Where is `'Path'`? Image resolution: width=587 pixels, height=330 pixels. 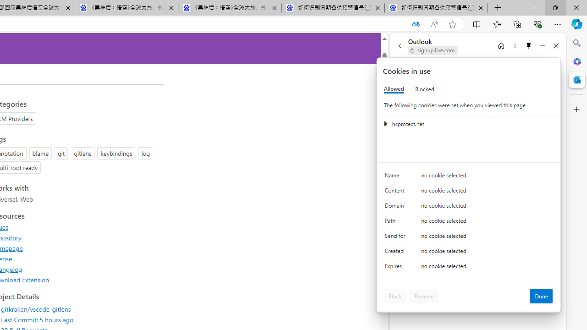 'Path' is located at coordinates (397, 223).